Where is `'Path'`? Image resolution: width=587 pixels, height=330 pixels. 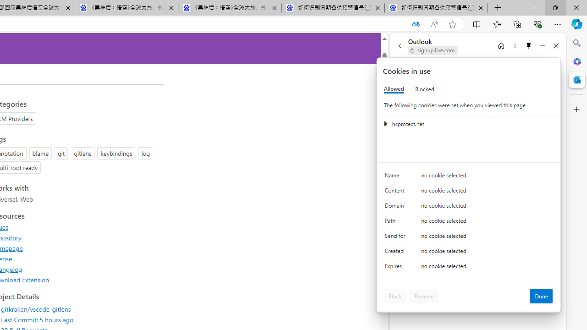 'Path' is located at coordinates (397, 223).